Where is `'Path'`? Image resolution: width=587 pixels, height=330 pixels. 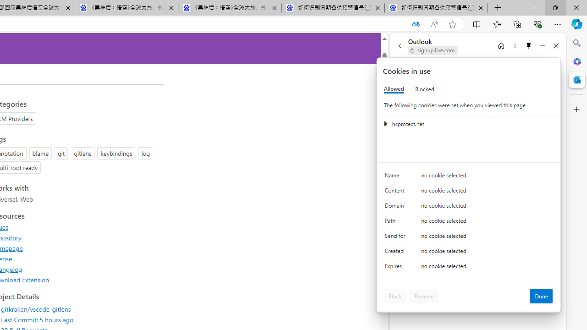 'Path' is located at coordinates (397, 223).